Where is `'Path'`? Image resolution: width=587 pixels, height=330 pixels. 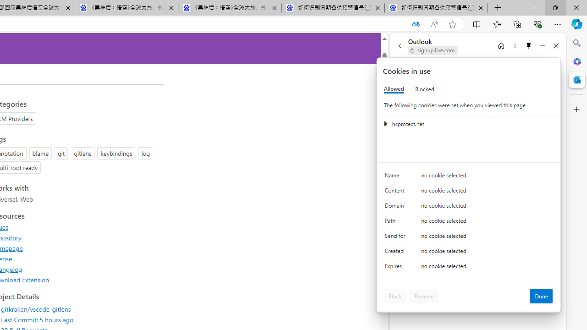 'Path' is located at coordinates (397, 223).